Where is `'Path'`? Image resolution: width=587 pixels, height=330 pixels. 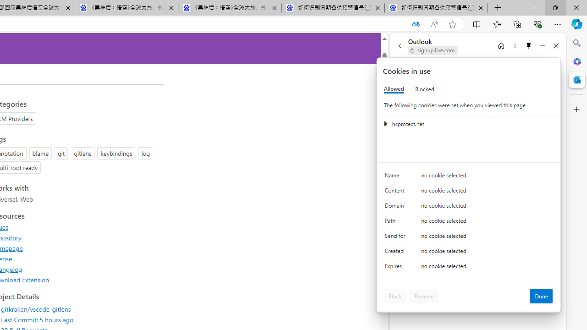 'Path' is located at coordinates (397, 223).